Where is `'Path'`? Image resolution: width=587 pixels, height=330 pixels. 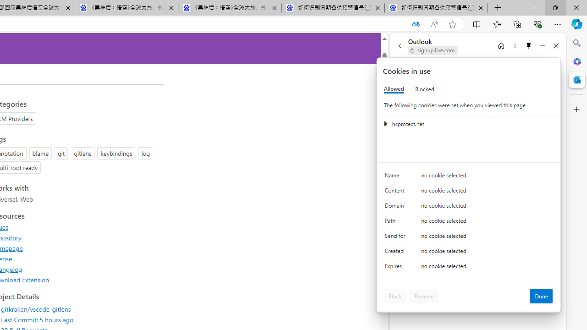 'Path' is located at coordinates (397, 223).